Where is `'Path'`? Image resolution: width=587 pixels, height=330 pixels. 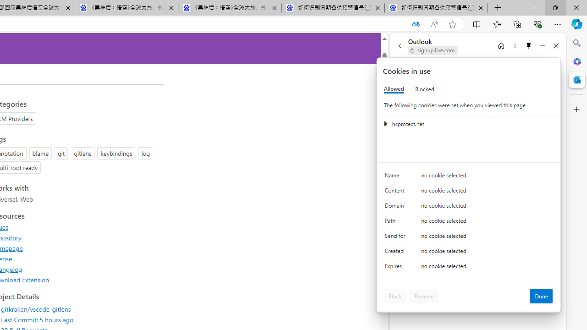 'Path' is located at coordinates (397, 223).